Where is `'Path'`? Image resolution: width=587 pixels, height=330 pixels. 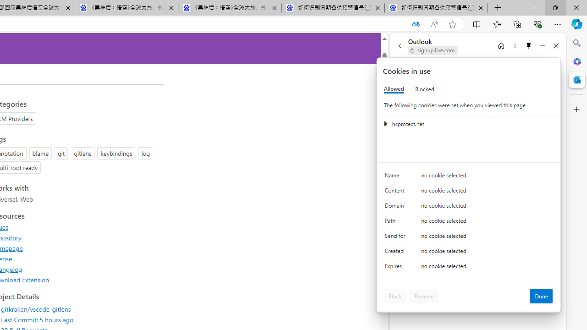 'Path' is located at coordinates (397, 223).